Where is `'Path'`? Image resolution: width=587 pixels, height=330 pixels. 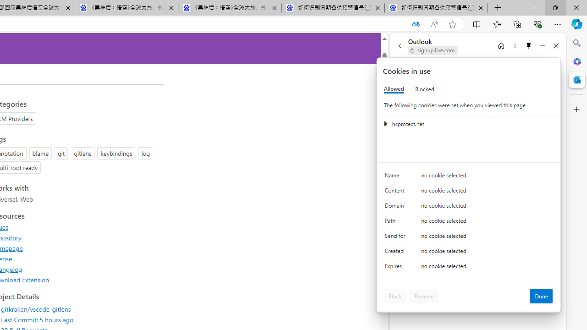 'Path' is located at coordinates (397, 223).